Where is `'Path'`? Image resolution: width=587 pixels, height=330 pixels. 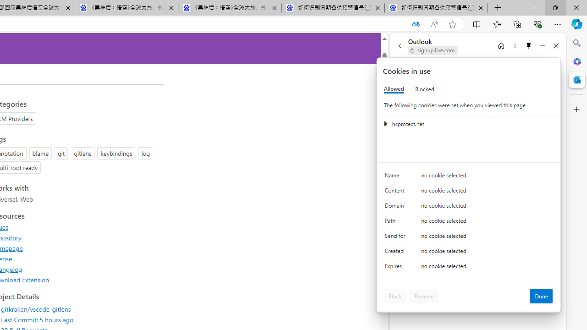 'Path' is located at coordinates (397, 223).